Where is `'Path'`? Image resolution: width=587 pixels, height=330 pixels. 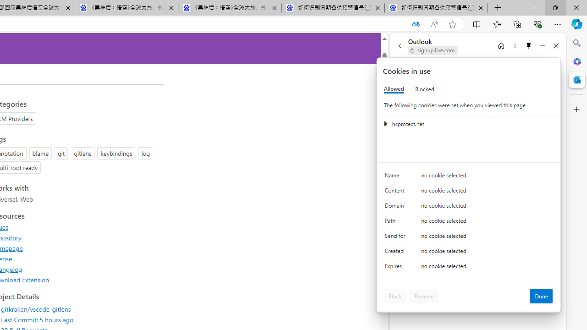 'Path' is located at coordinates (397, 223).